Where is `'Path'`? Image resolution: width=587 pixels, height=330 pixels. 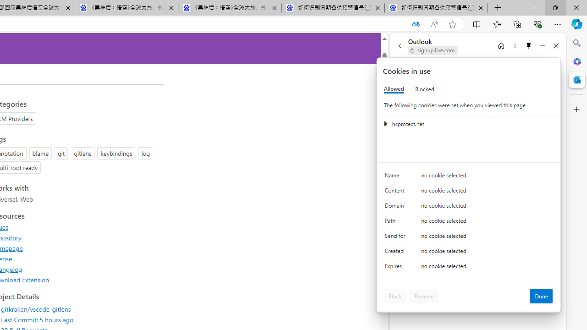 'Path' is located at coordinates (397, 223).